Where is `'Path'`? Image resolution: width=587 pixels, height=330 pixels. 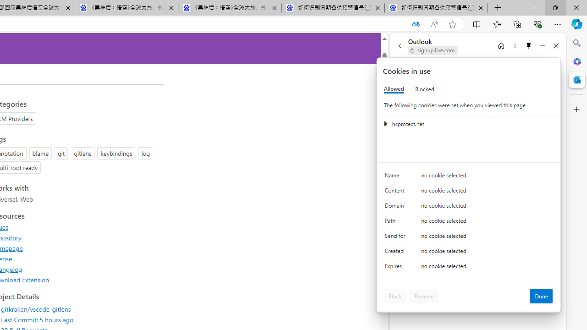 'Path' is located at coordinates (397, 223).